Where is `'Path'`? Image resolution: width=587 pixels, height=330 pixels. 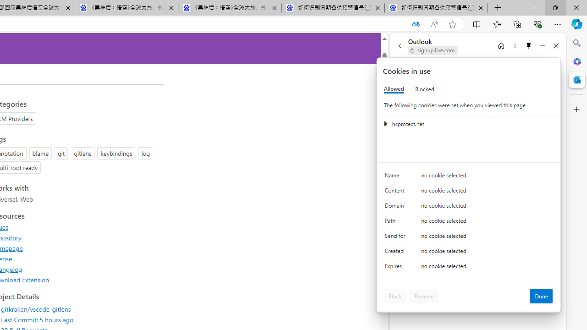 'Path' is located at coordinates (397, 223).